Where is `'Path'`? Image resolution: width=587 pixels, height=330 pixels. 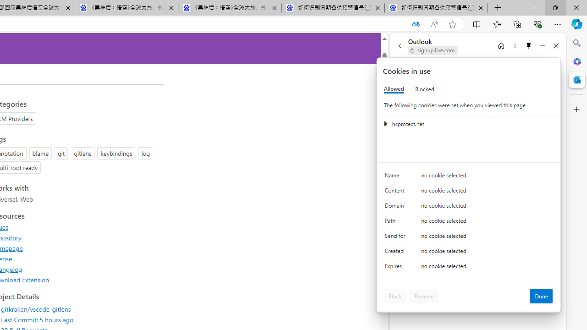 'Path' is located at coordinates (397, 223).